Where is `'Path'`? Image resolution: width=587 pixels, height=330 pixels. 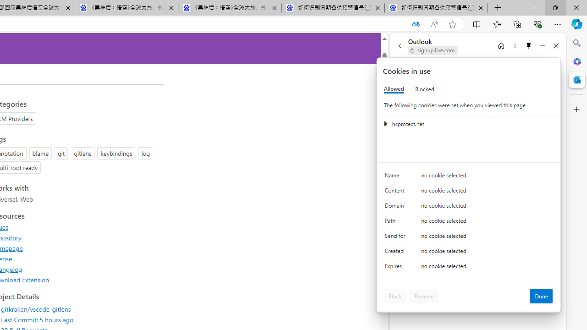 'Path' is located at coordinates (397, 223).